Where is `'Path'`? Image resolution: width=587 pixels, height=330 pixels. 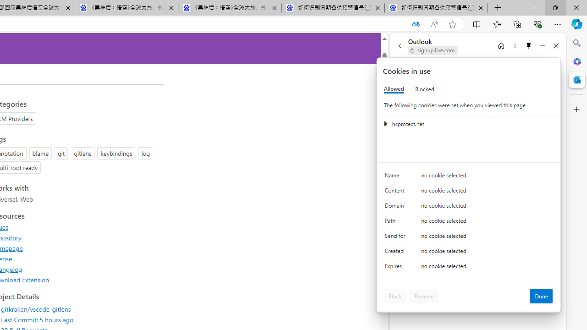 'Path' is located at coordinates (397, 223).